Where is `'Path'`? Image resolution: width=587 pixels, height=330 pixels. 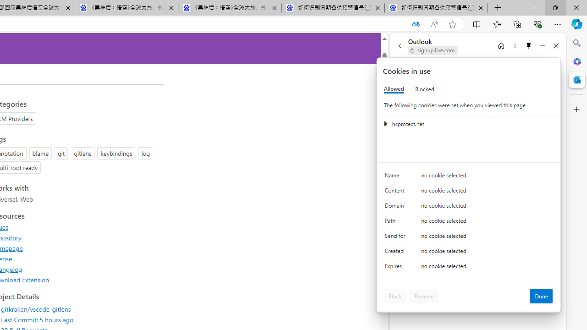 'Path' is located at coordinates (397, 223).